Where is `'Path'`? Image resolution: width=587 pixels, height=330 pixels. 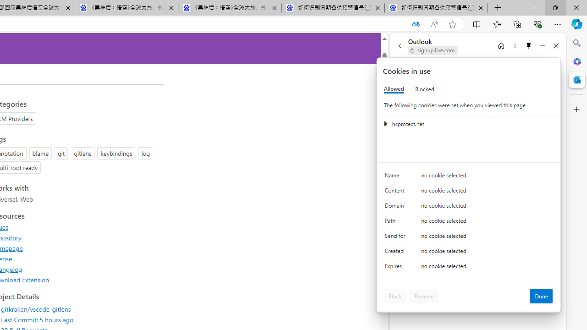 'Path' is located at coordinates (397, 223).